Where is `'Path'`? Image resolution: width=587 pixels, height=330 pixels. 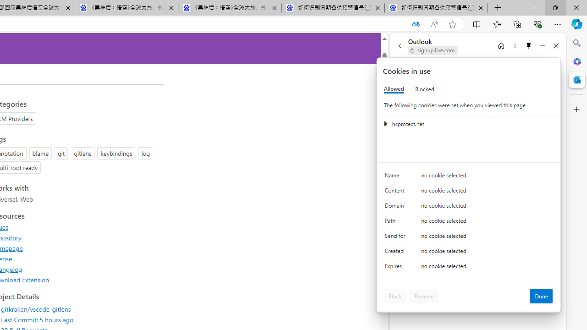 'Path' is located at coordinates (397, 223).